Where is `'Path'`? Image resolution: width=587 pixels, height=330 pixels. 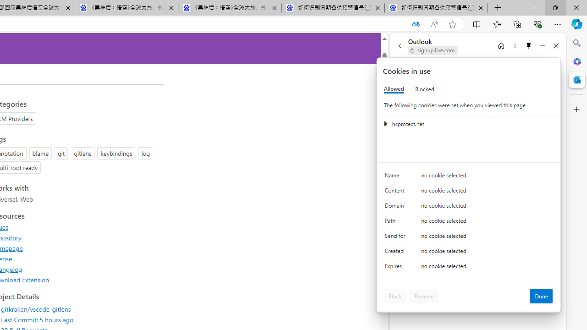 'Path' is located at coordinates (397, 223).